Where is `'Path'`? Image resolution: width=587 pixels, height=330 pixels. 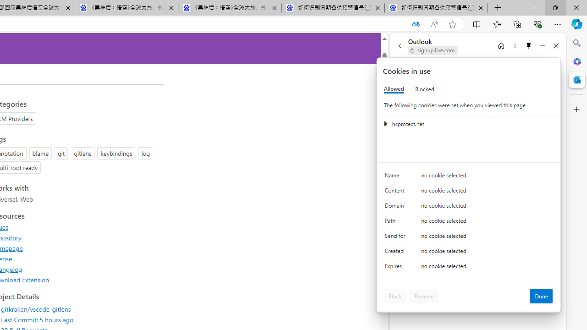 'Path' is located at coordinates (397, 223).